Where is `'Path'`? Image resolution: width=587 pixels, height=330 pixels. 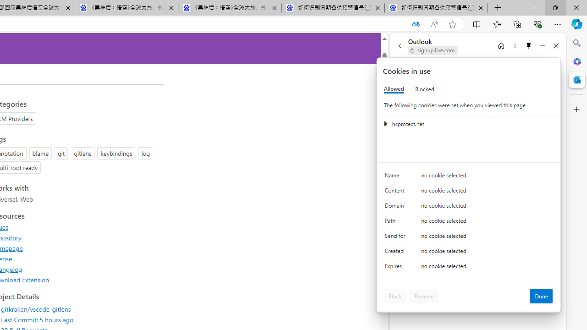 'Path' is located at coordinates (397, 223).